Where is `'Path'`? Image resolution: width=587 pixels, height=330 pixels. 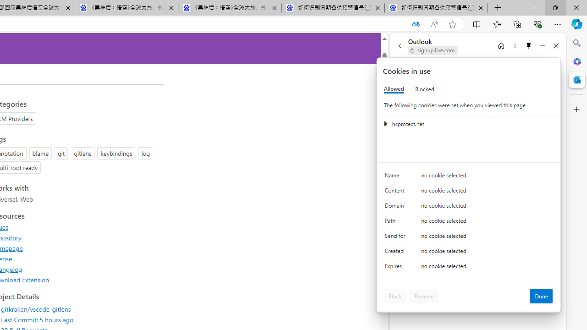 'Path' is located at coordinates (397, 223).